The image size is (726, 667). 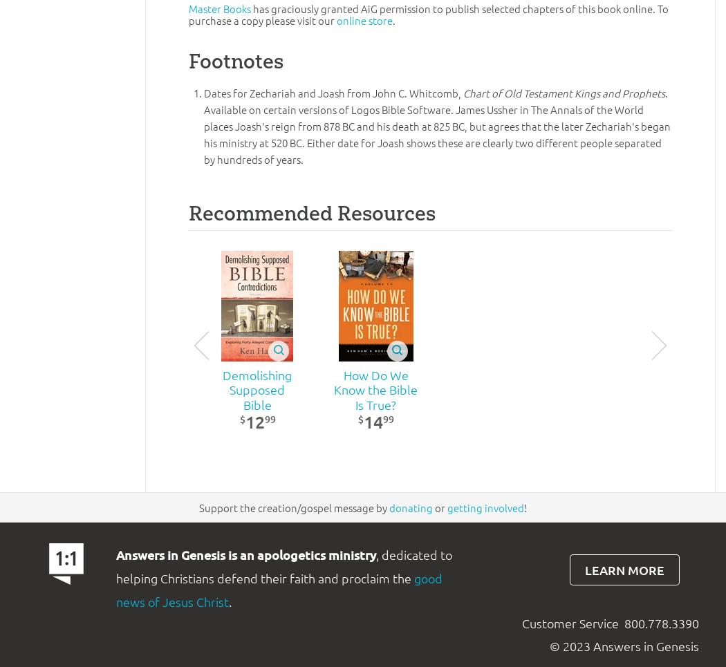 What do you see at coordinates (336, 19) in the screenshot?
I see `'online store'` at bounding box center [336, 19].